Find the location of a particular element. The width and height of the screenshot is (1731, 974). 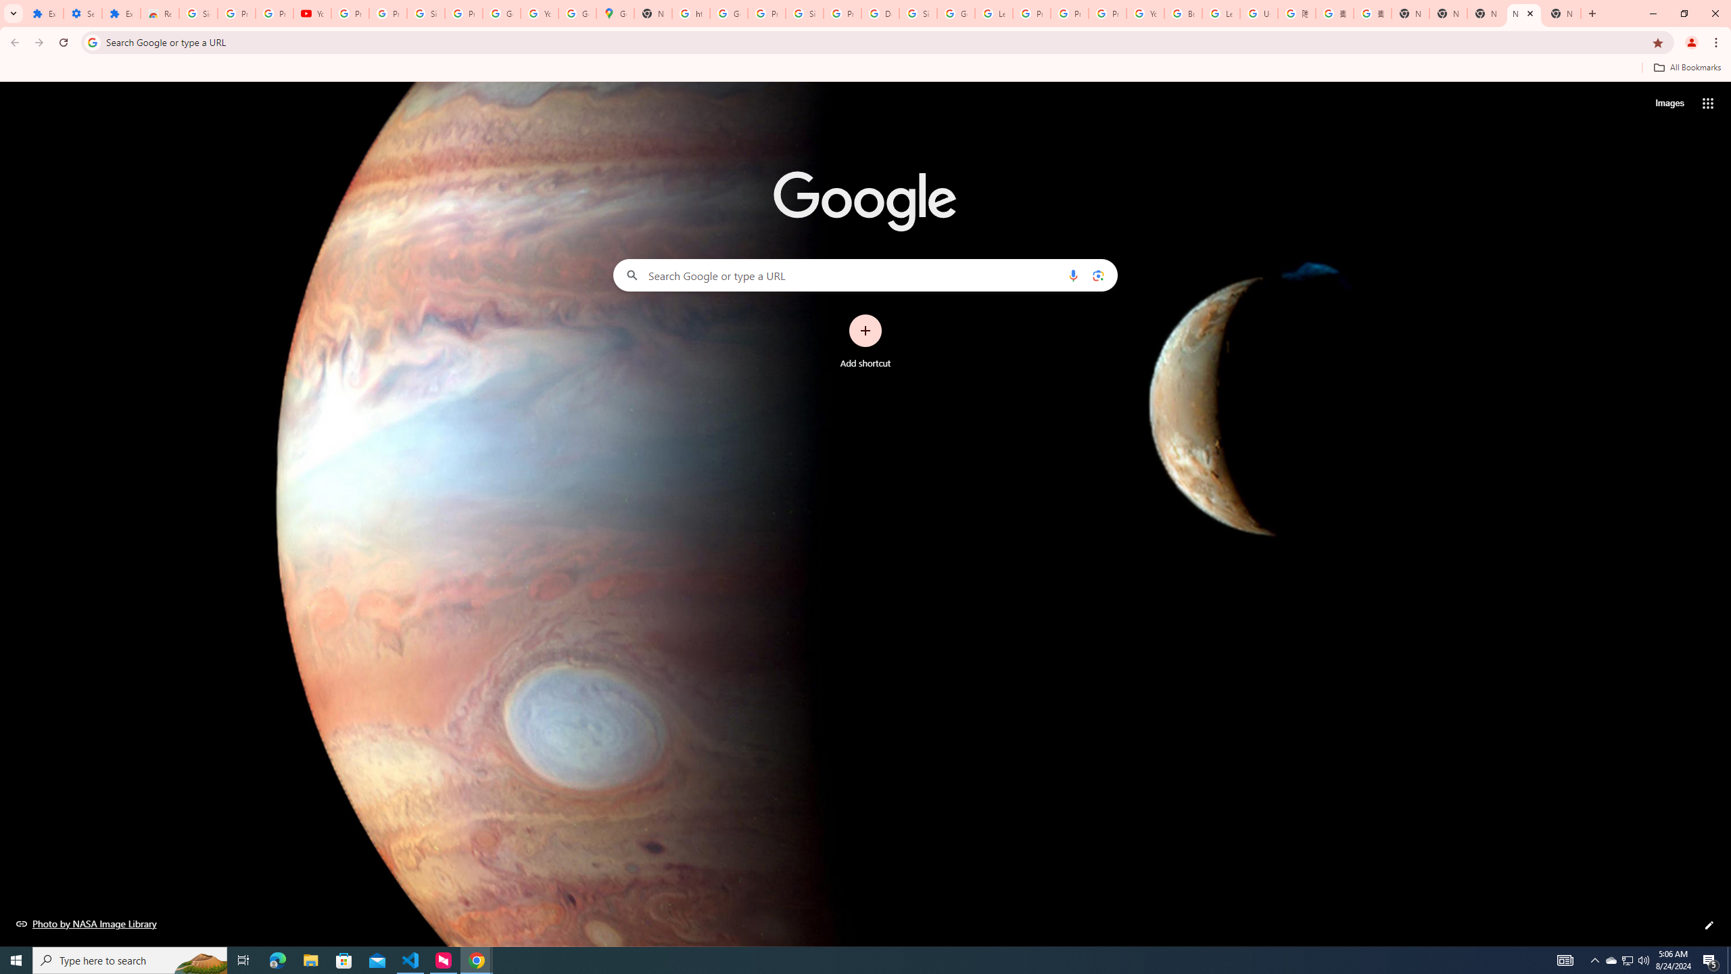

'Delete specific Google services or your Google Account' is located at coordinates (879, 13).